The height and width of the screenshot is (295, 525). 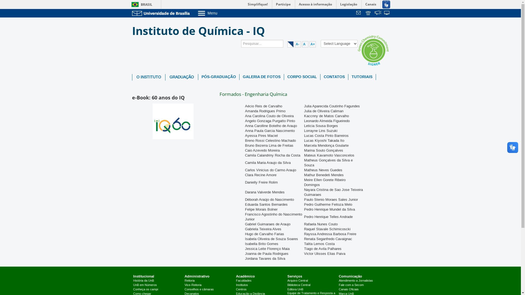 I want to click on 'Menu', so click(x=221, y=13).